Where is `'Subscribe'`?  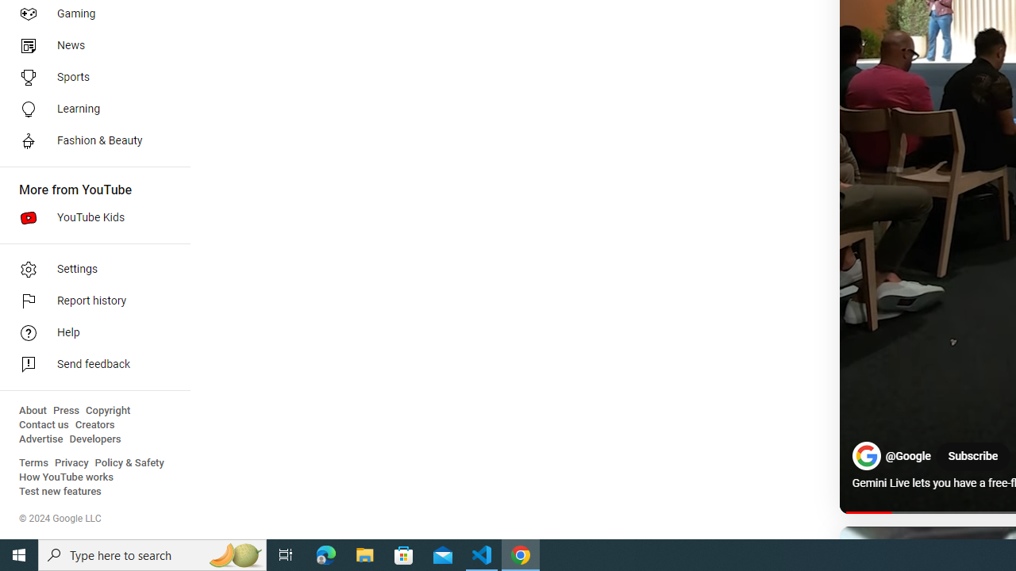
'Subscribe' is located at coordinates (972, 457).